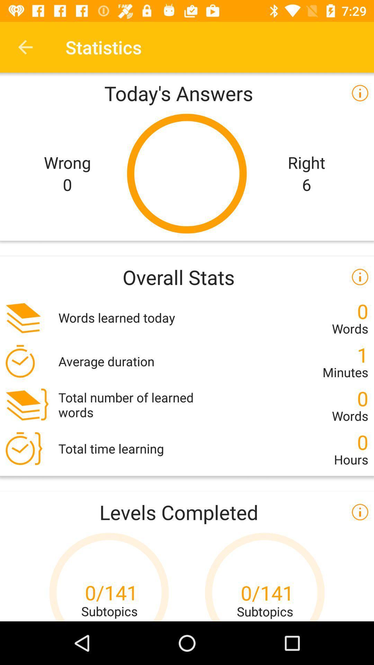 This screenshot has width=374, height=665. I want to click on the icon to the left of statistics, so click(25, 47).